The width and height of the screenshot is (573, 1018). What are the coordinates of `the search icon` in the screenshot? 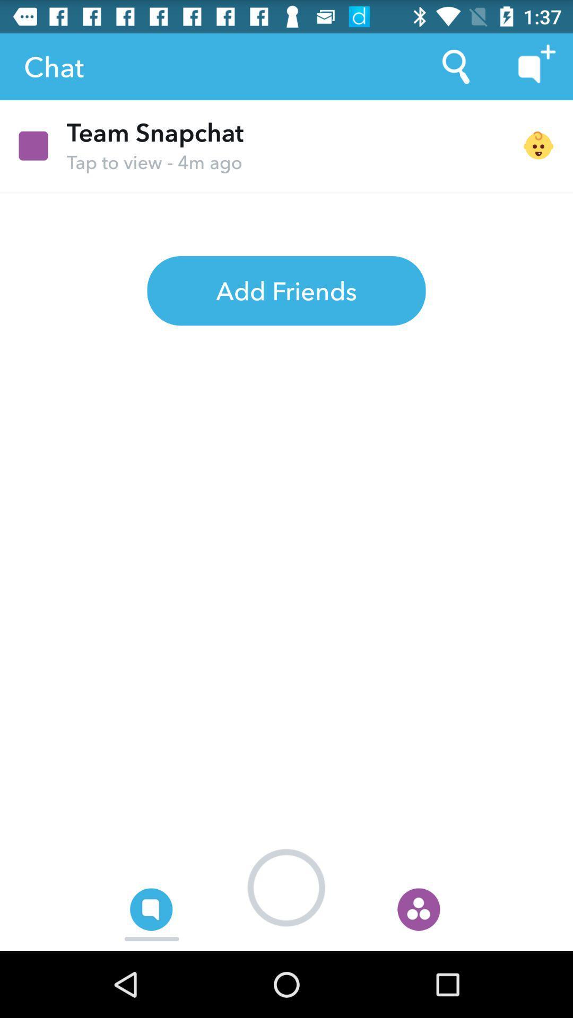 It's located at (455, 66).